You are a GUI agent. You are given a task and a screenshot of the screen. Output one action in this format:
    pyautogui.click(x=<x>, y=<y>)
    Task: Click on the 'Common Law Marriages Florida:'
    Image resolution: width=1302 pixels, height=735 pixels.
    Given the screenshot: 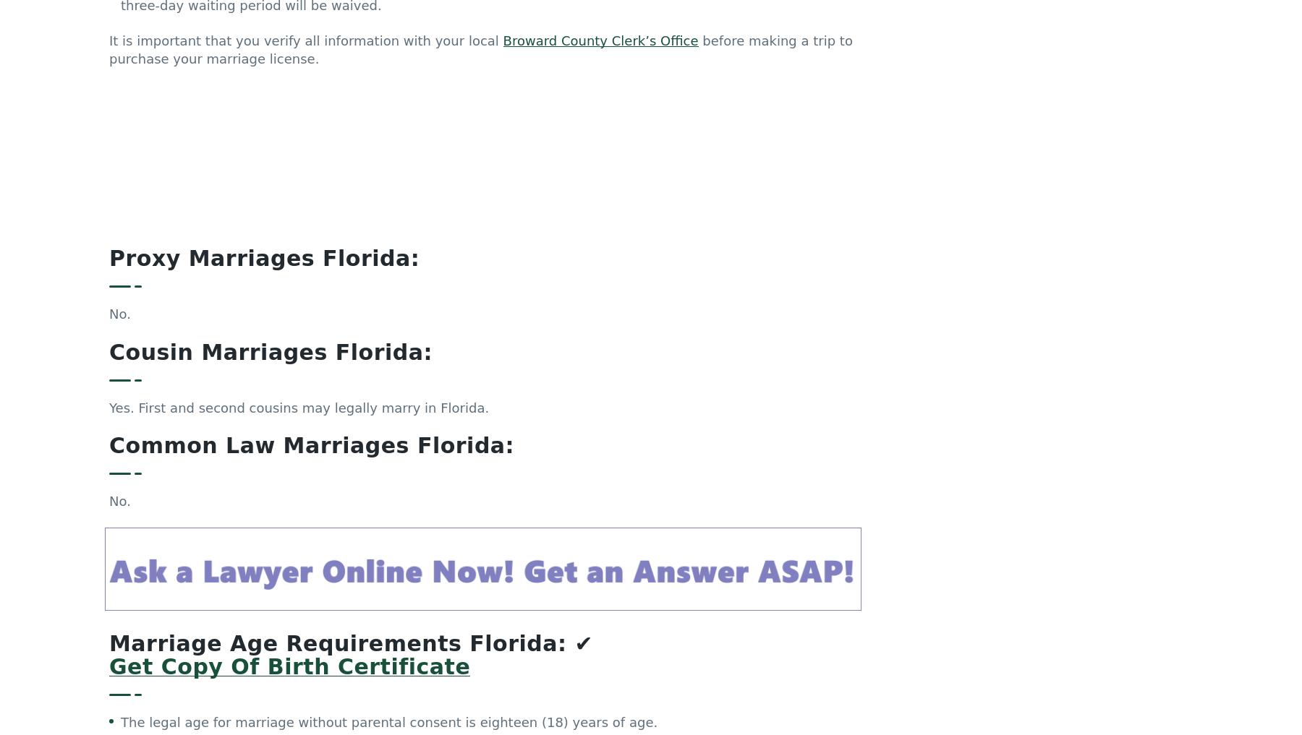 What is the action you would take?
    pyautogui.click(x=311, y=307)
    